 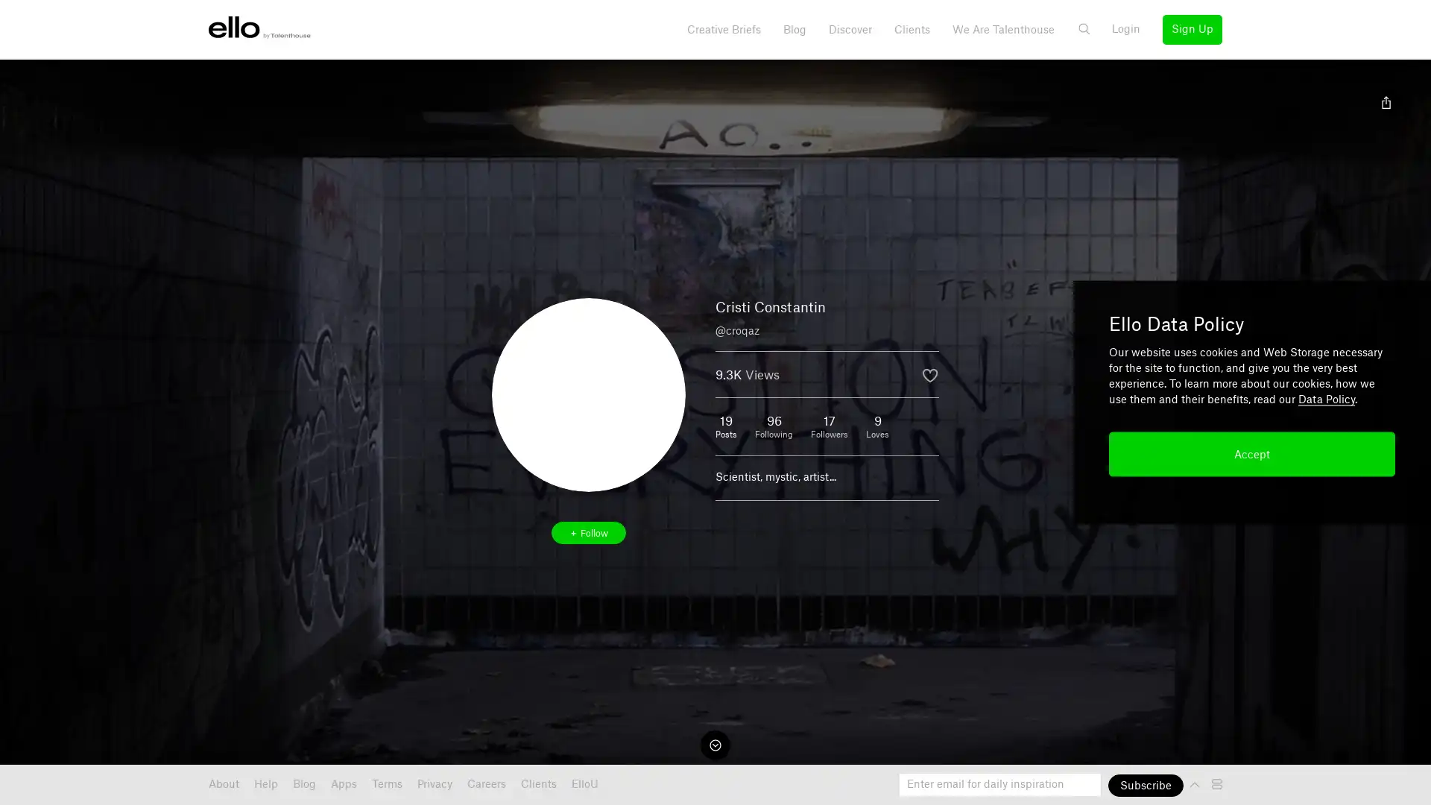 I want to click on Subscribe, so click(x=1145, y=784).